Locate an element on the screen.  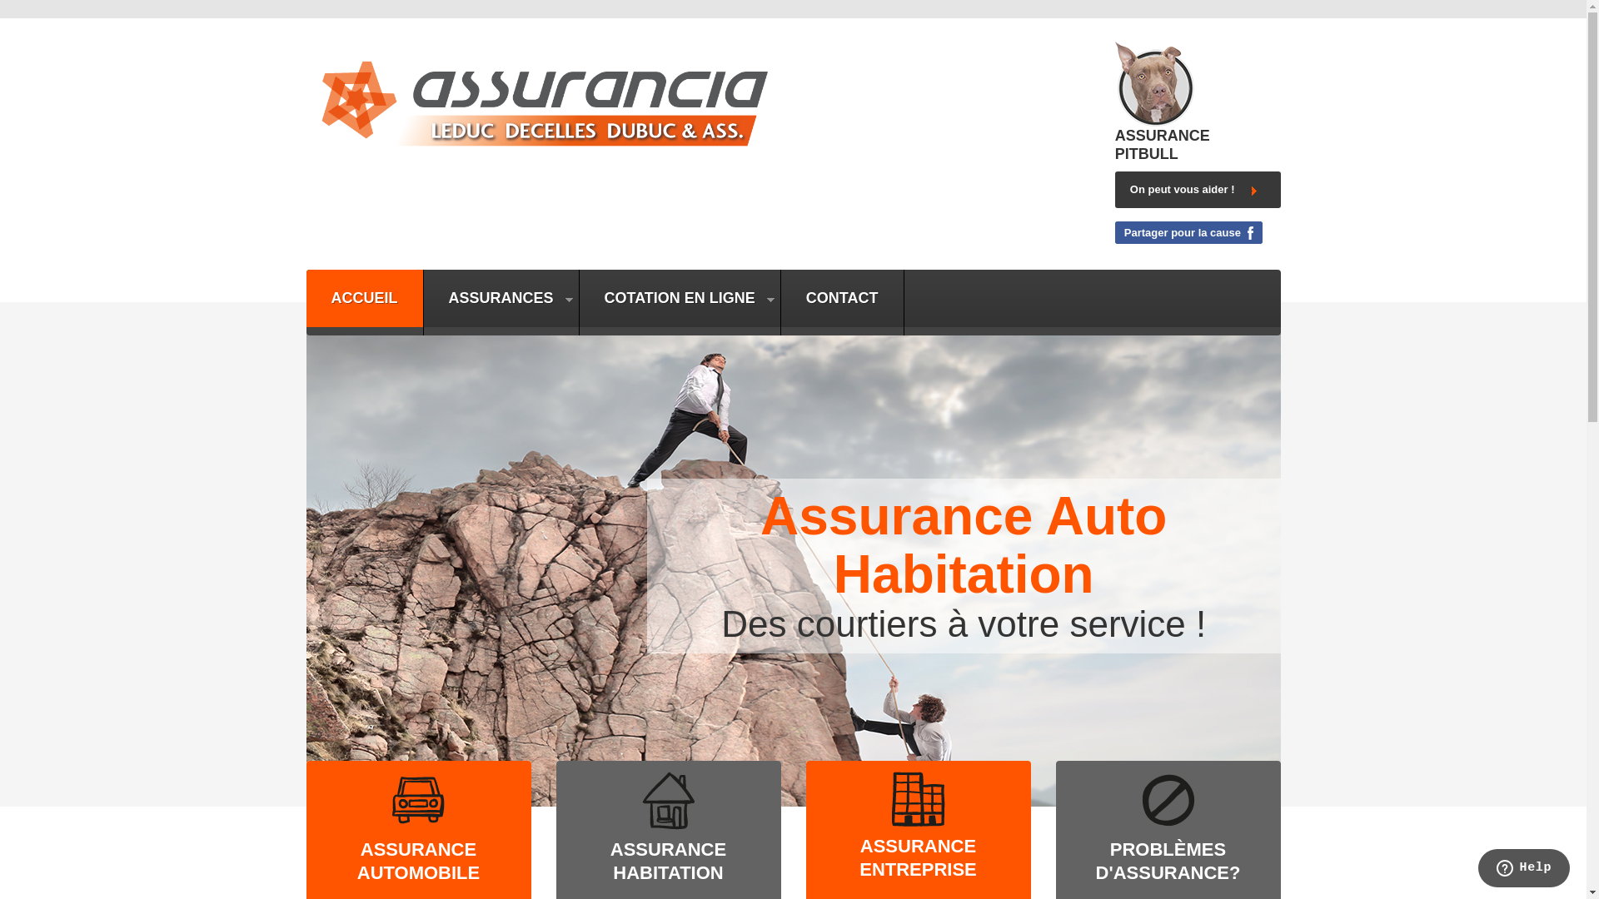
'CONTACT' is located at coordinates (842, 297).